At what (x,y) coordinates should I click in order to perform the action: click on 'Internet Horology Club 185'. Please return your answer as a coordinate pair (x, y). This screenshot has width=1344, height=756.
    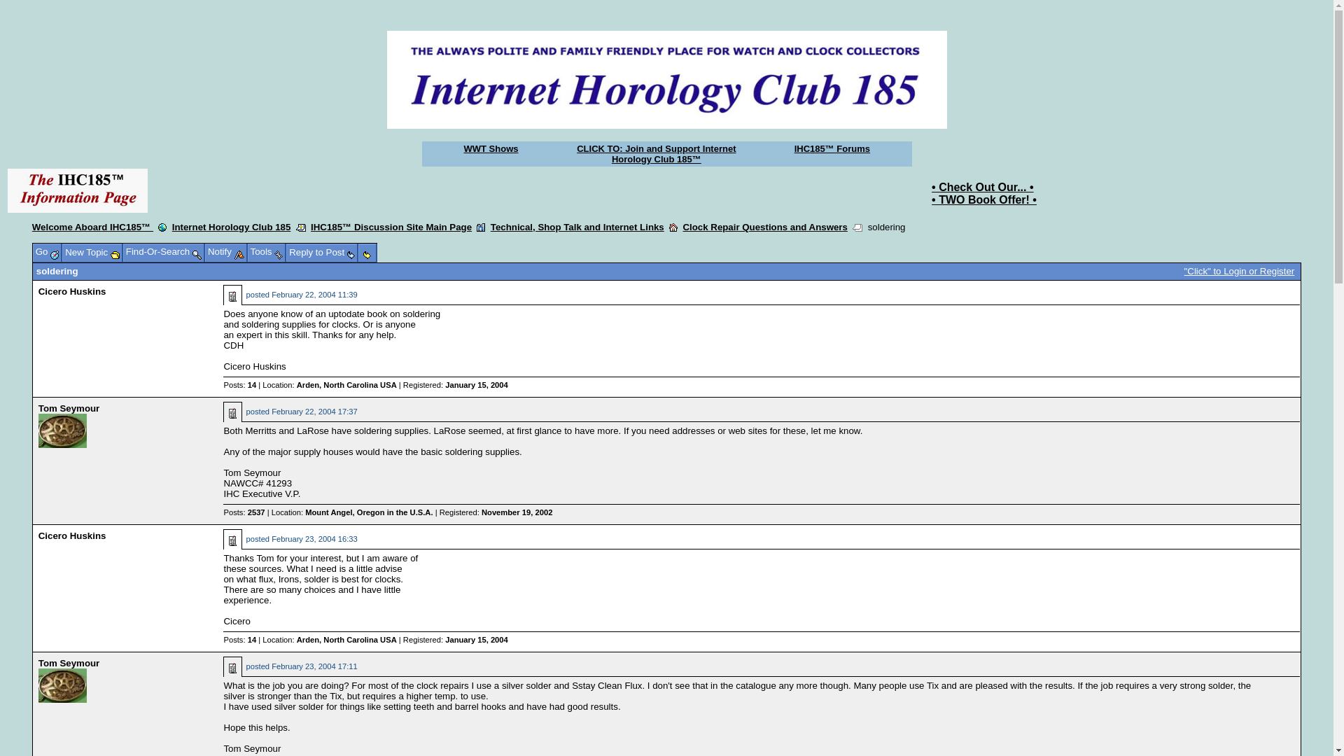
    Looking at the image, I should click on (232, 226).